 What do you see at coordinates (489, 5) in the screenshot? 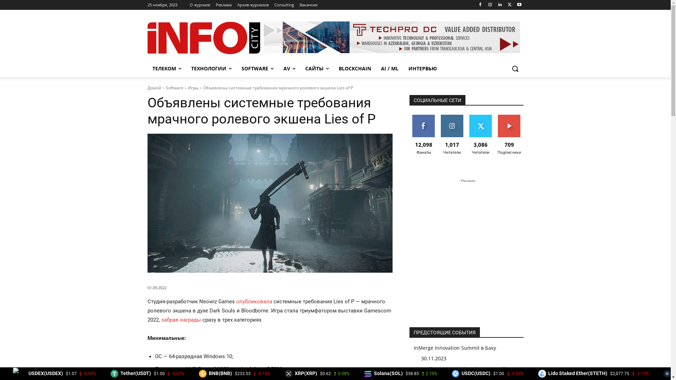
I see `'Instagram'` at bounding box center [489, 5].